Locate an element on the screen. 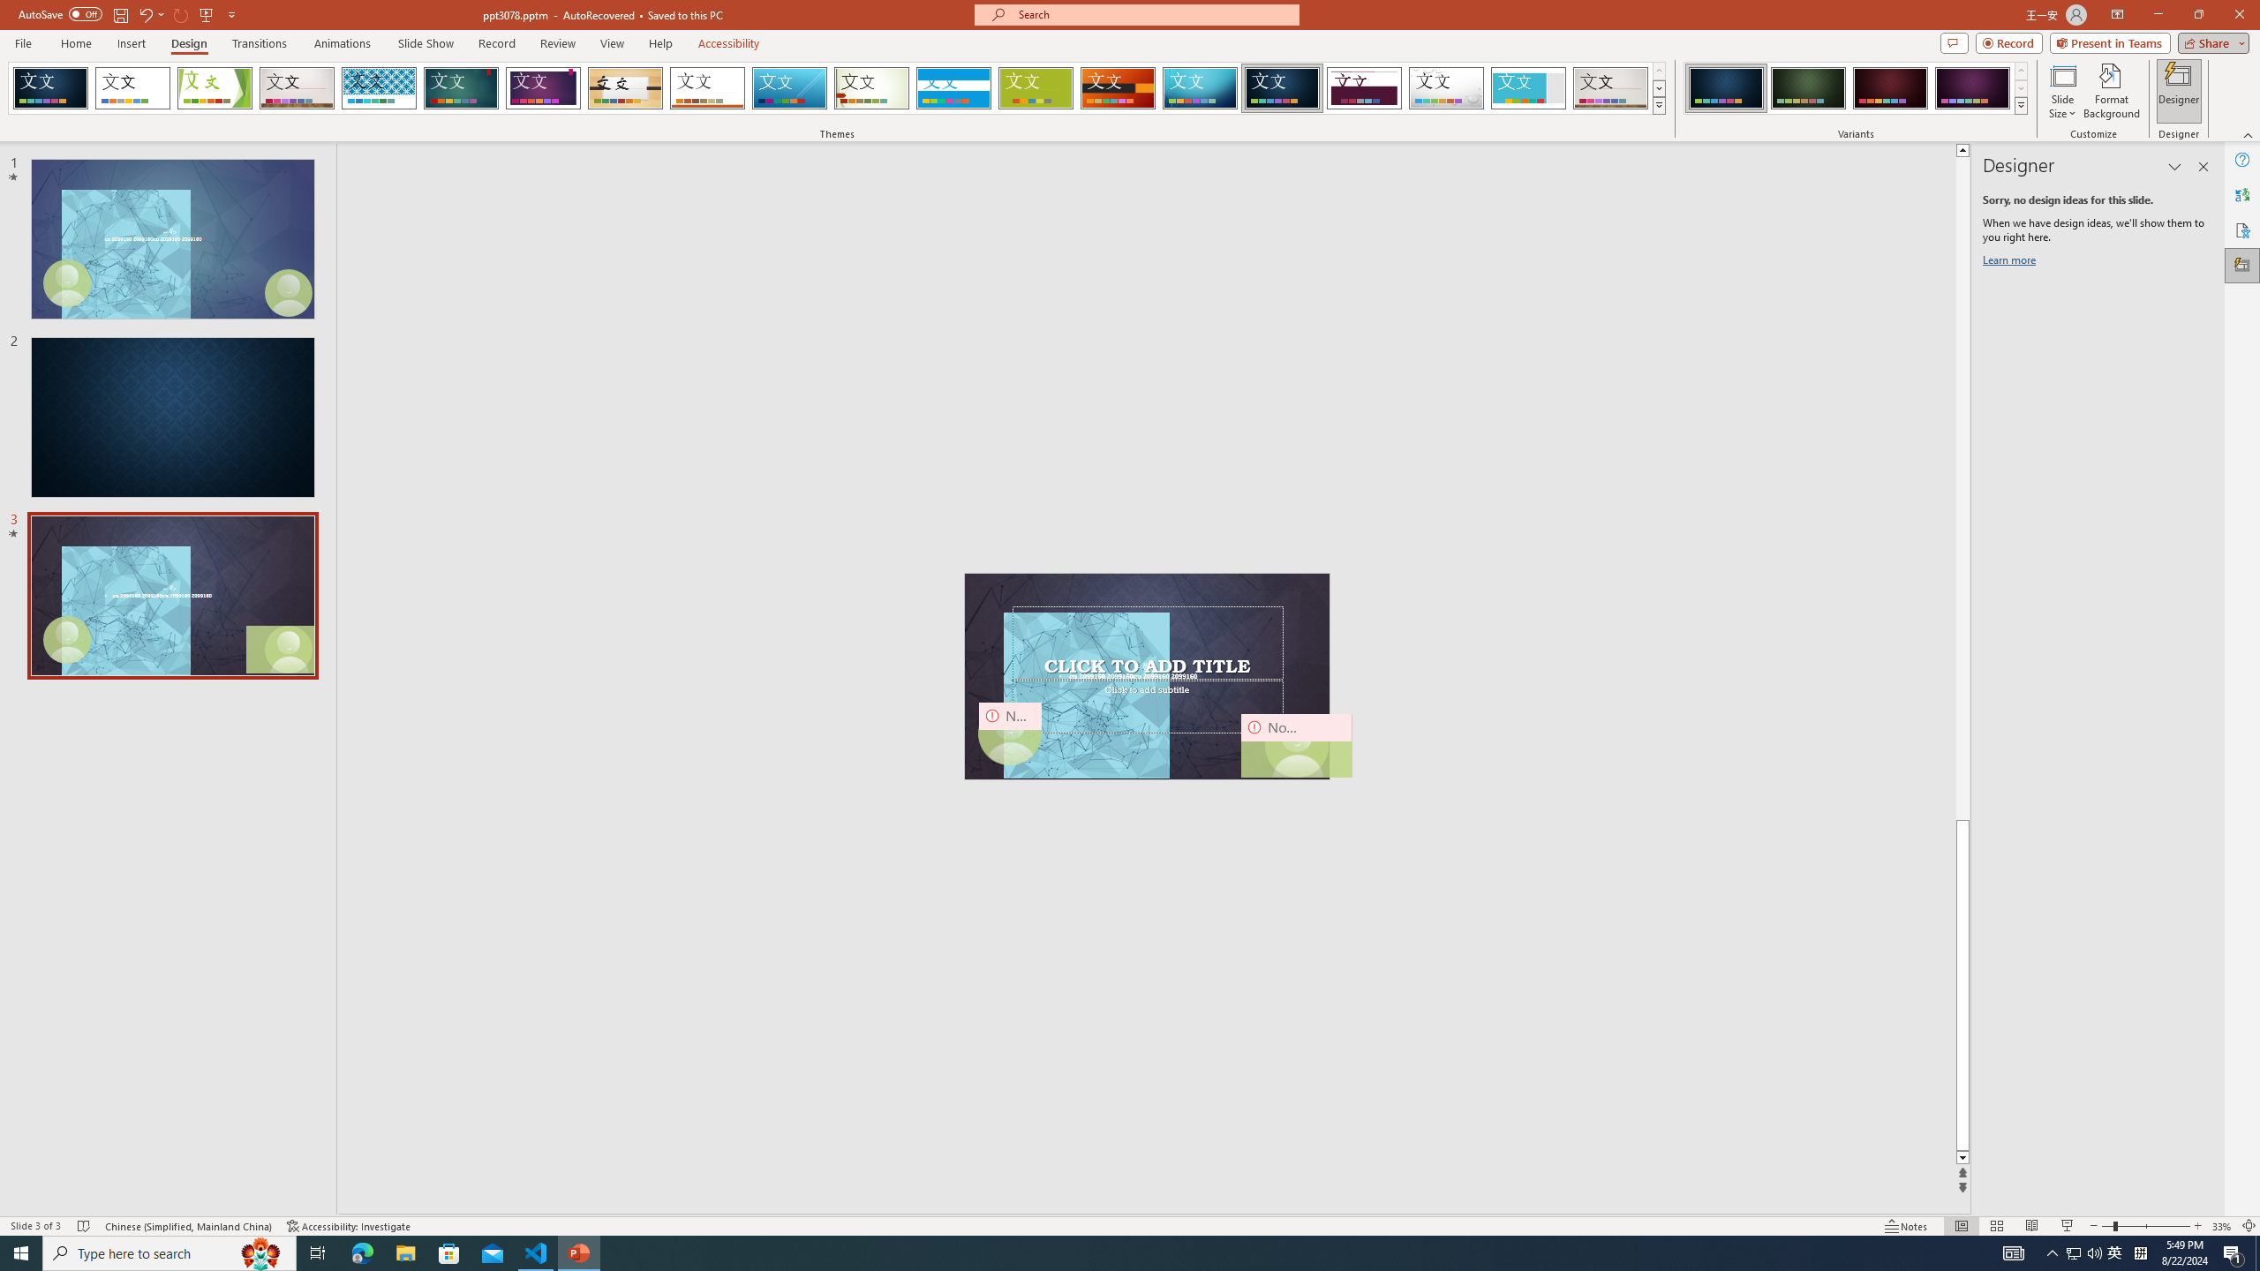  'Dividend' is located at coordinates (1364, 87).